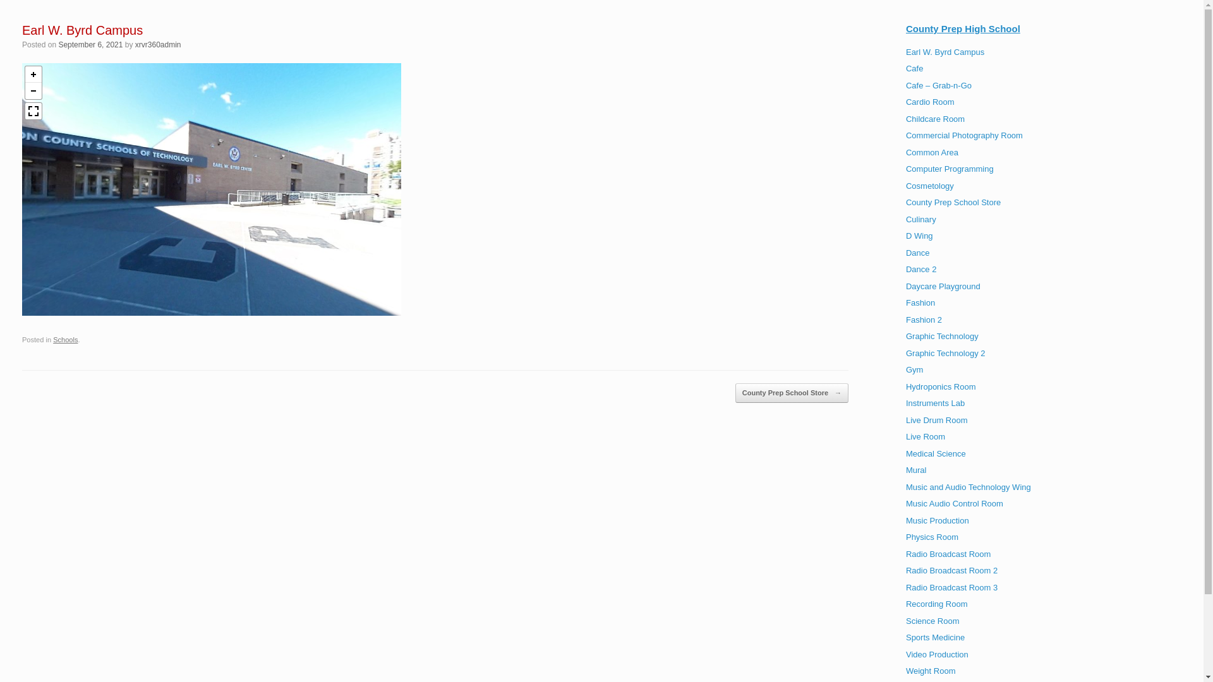 This screenshot has width=1213, height=682. Describe the element at coordinates (930, 185) in the screenshot. I see `'Cosmetology'` at that location.